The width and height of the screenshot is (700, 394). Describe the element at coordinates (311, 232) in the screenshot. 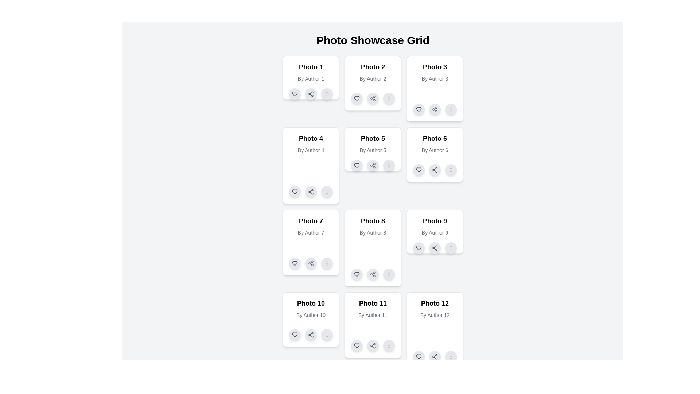

I see `the text label displaying 'By Author 7', which is located below the title 'Photo 7' in the fourth row and second column of the card layout` at that location.